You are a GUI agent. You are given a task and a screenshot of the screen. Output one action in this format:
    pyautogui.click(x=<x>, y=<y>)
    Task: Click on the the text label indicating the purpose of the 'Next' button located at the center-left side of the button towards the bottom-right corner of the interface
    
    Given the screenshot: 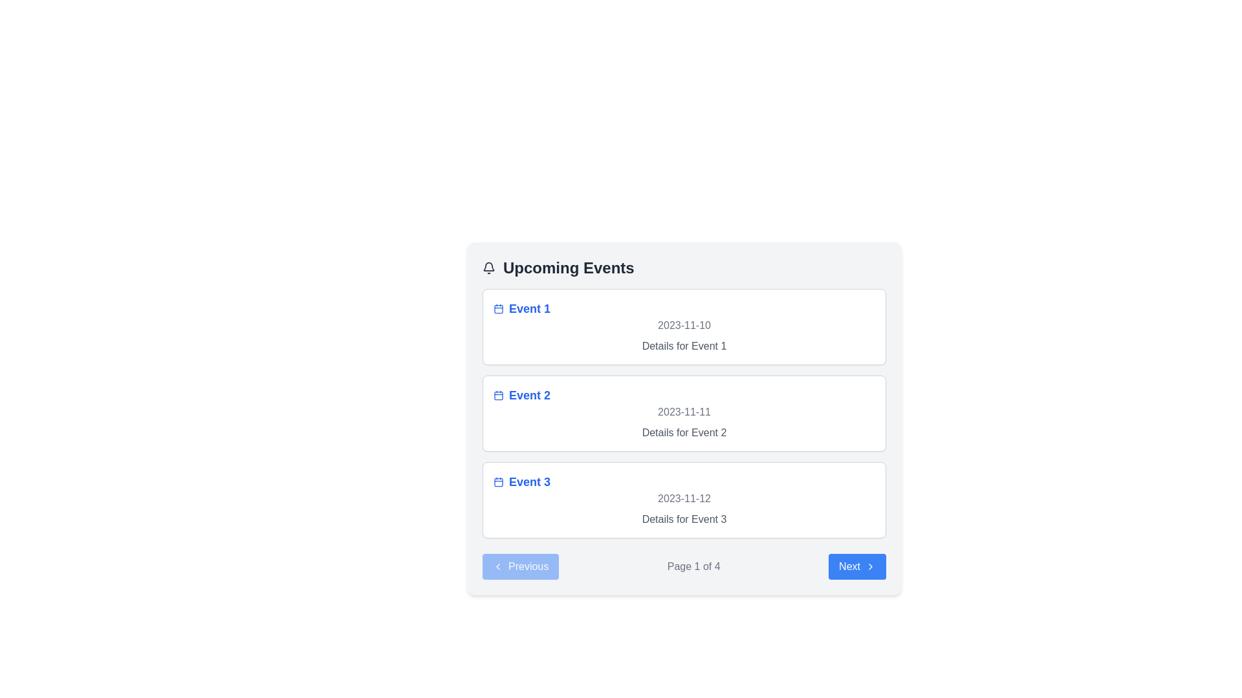 What is the action you would take?
    pyautogui.click(x=849, y=566)
    